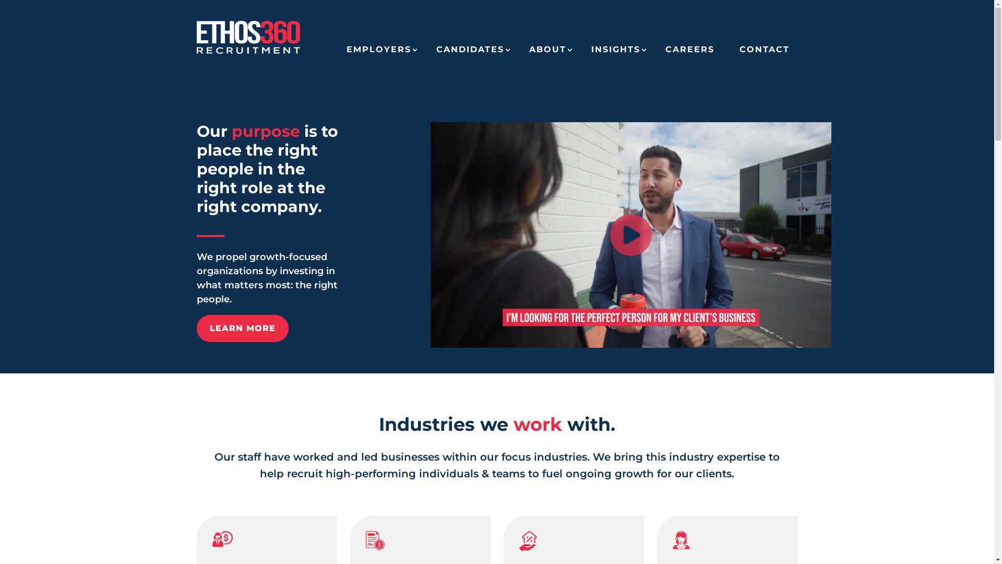 The width and height of the screenshot is (1002, 564). I want to click on 'CONTACT', so click(764, 53).